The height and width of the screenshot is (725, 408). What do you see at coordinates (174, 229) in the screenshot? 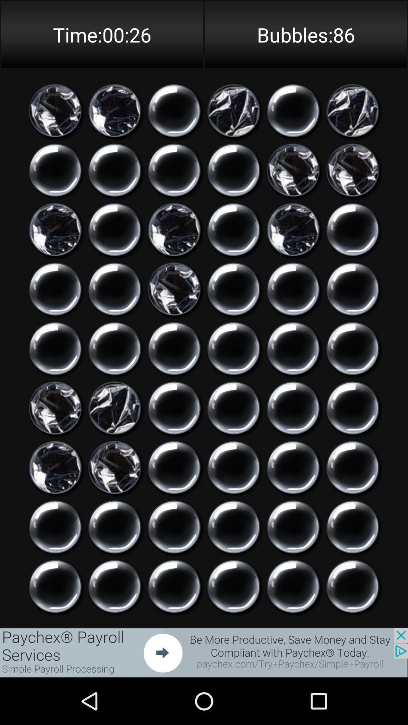
I see `popped` at bounding box center [174, 229].